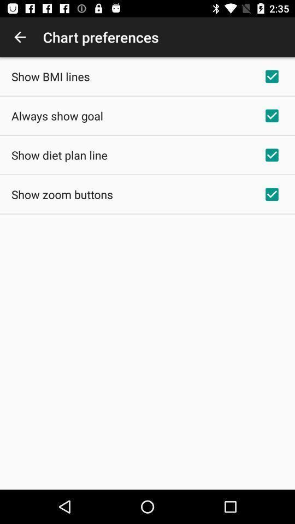 Image resolution: width=295 pixels, height=524 pixels. I want to click on the item above show zoom buttons icon, so click(59, 154).